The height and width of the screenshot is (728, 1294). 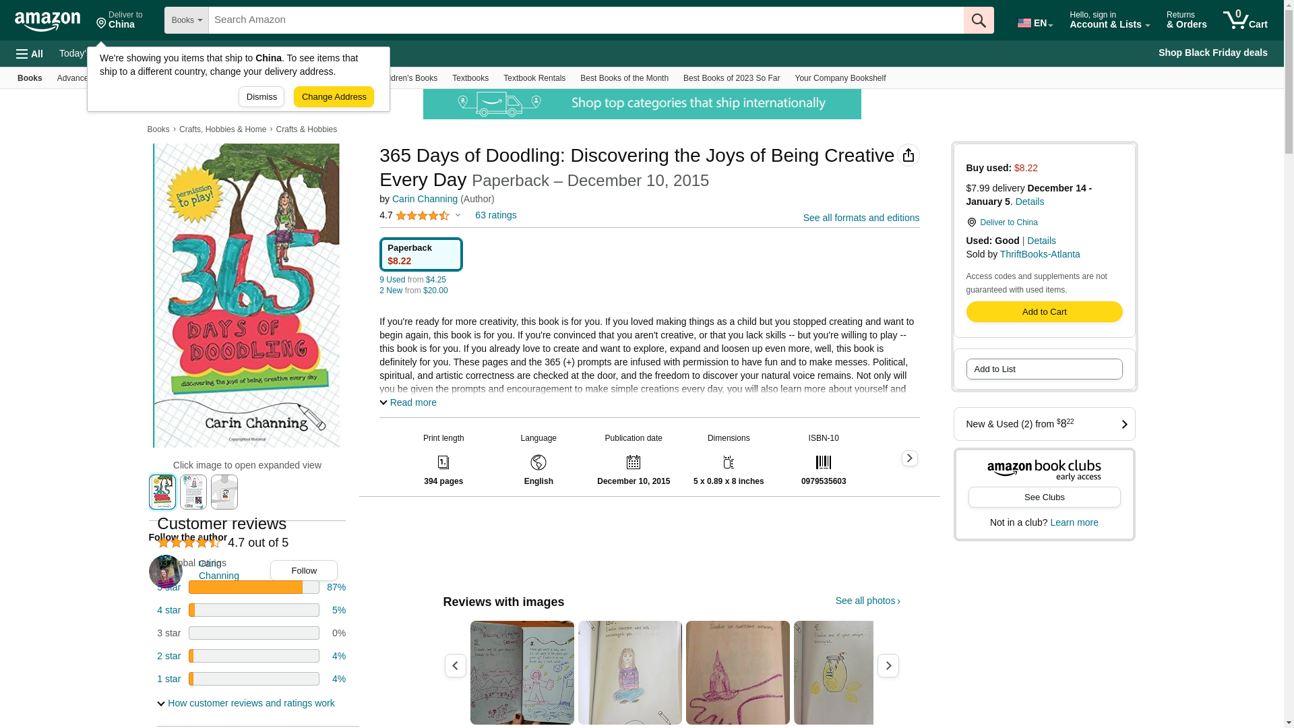 What do you see at coordinates (168, 655) in the screenshot?
I see `'2 star'` at bounding box center [168, 655].